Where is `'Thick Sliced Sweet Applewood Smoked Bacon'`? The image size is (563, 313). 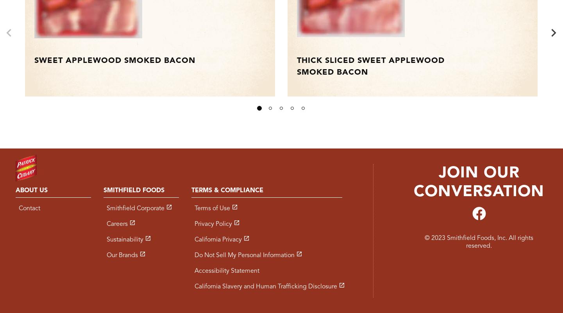 'Thick Sliced Sweet Applewood Smoked Bacon' is located at coordinates (371, 67).